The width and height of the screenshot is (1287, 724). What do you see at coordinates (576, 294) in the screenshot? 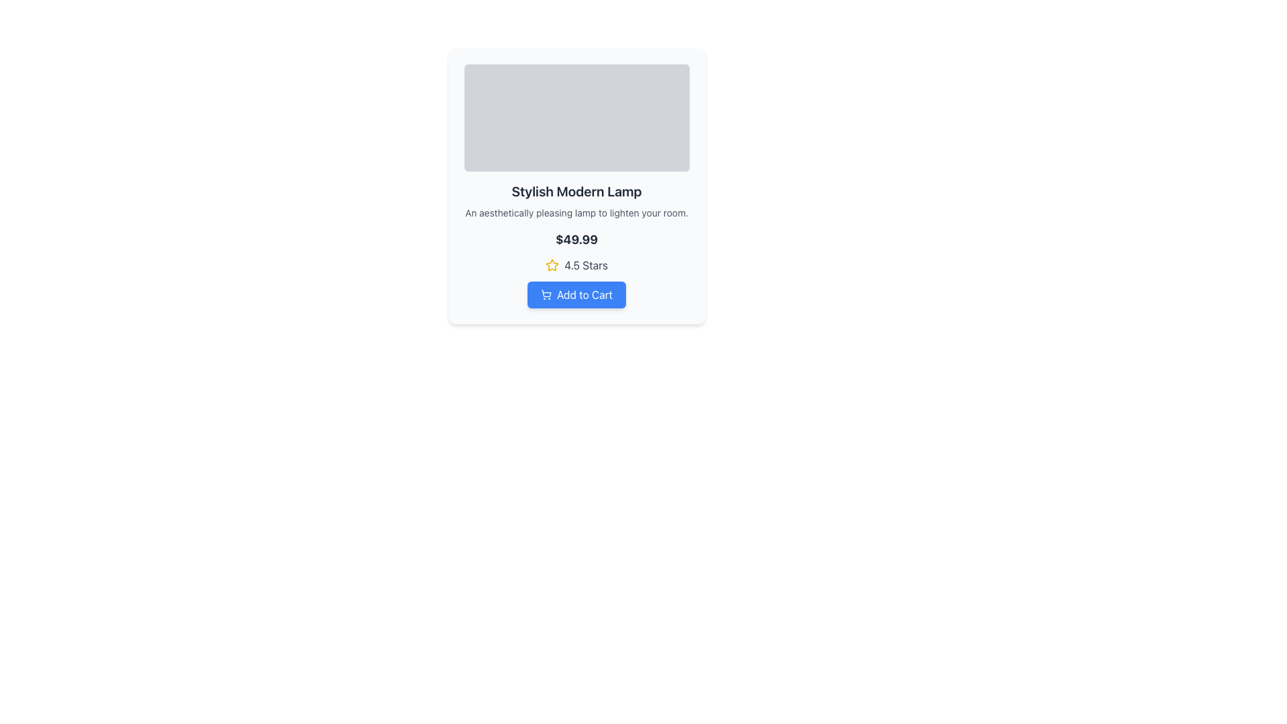
I see `the blue 'Add to Cart' button with a shopping cart icon` at bounding box center [576, 294].